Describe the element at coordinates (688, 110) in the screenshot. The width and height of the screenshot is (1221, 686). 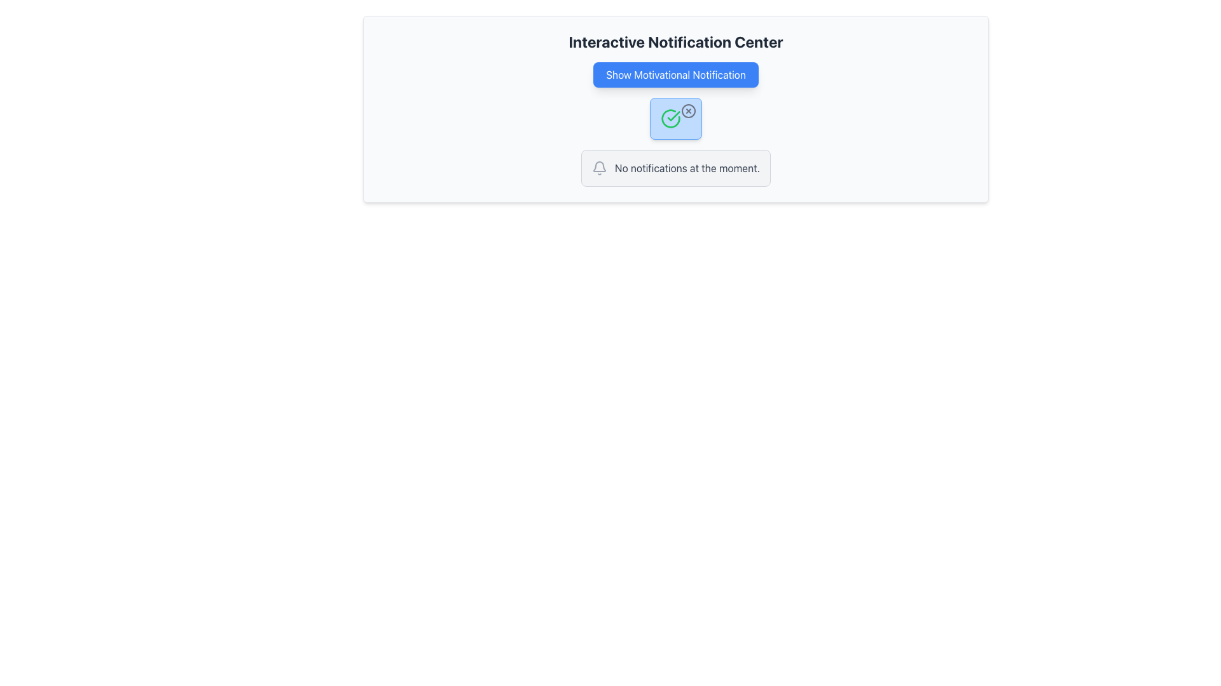
I see `the close ('X') button styled with a circular icon located at the top-right corner of the blue notification bubble` at that location.